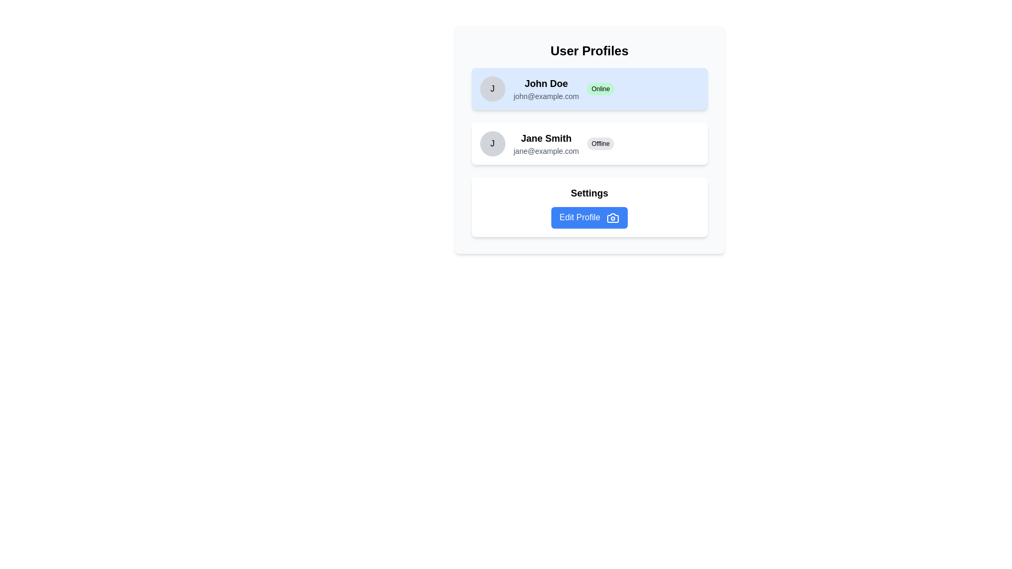  What do you see at coordinates (613, 217) in the screenshot?
I see `the camera icon located to the right of the 'Edit Profile' button, which suggests a photo-related action` at bounding box center [613, 217].